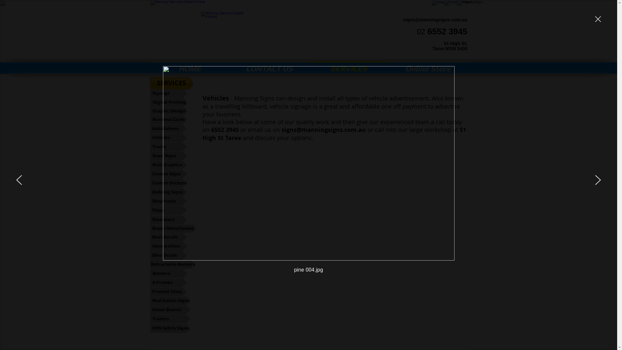 This screenshot has height=350, width=622. I want to click on 'Shopfronts', so click(149, 201).